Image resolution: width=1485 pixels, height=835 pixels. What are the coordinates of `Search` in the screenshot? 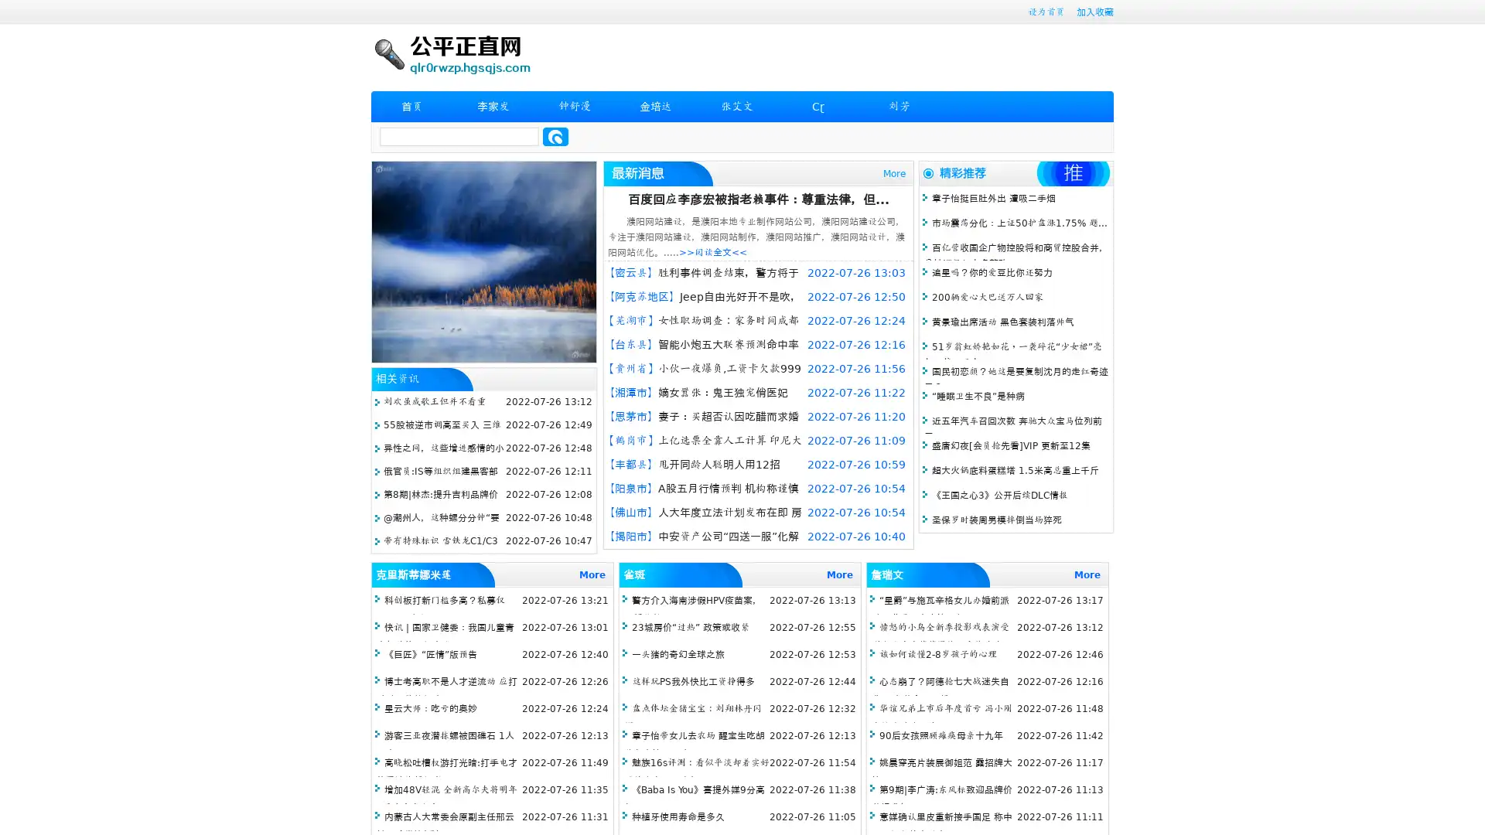 It's located at (555, 136).